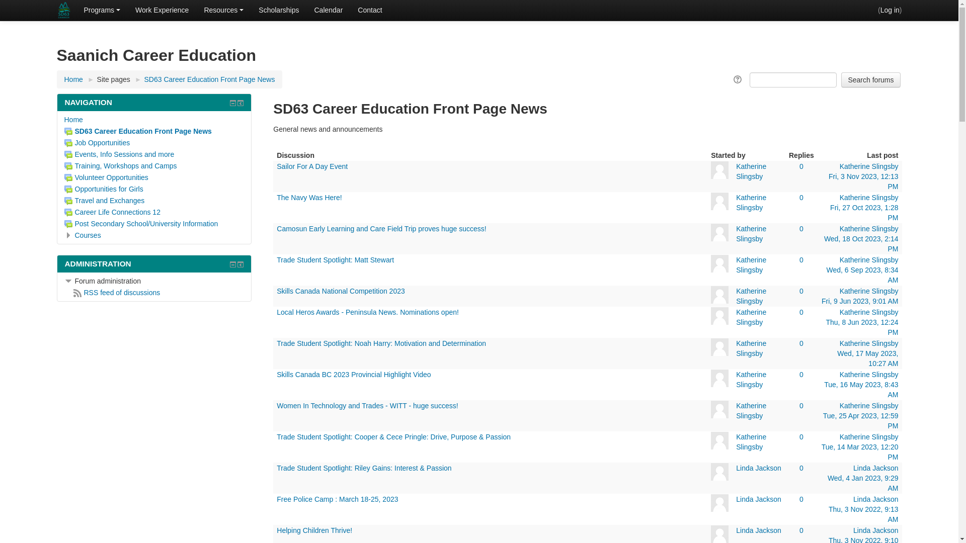 The width and height of the screenshot is (966, 543). What do you see at coordinates (97, 143) in the screenshot?
I see `'Job Opportunities'` at bounding box center [97, 143].